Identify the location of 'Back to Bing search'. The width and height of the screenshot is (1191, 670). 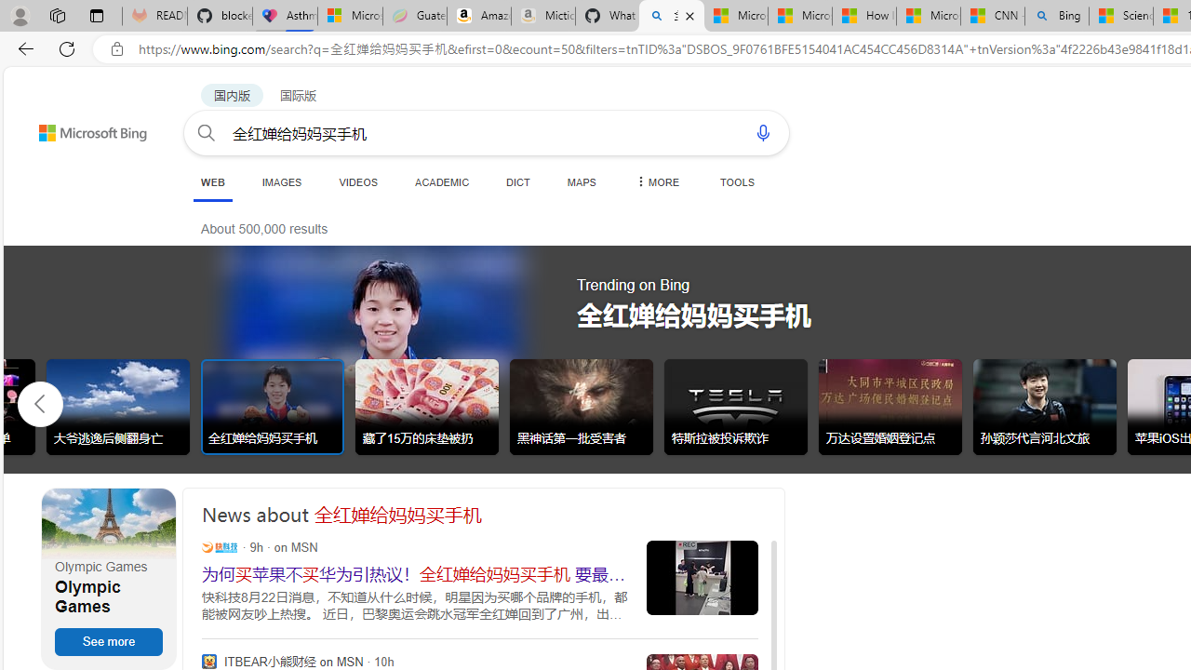
(80, 127).